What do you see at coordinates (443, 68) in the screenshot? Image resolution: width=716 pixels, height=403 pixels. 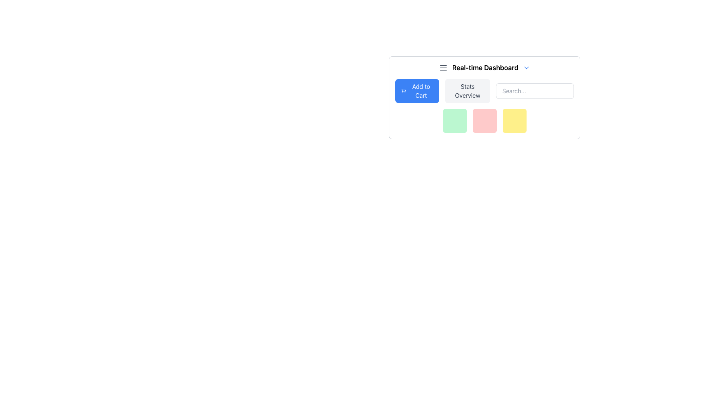 I see `the Icon Button located at the left end of the header bar preceding the text 'Real-time Dashboard'` at bounding box center [443, 68].